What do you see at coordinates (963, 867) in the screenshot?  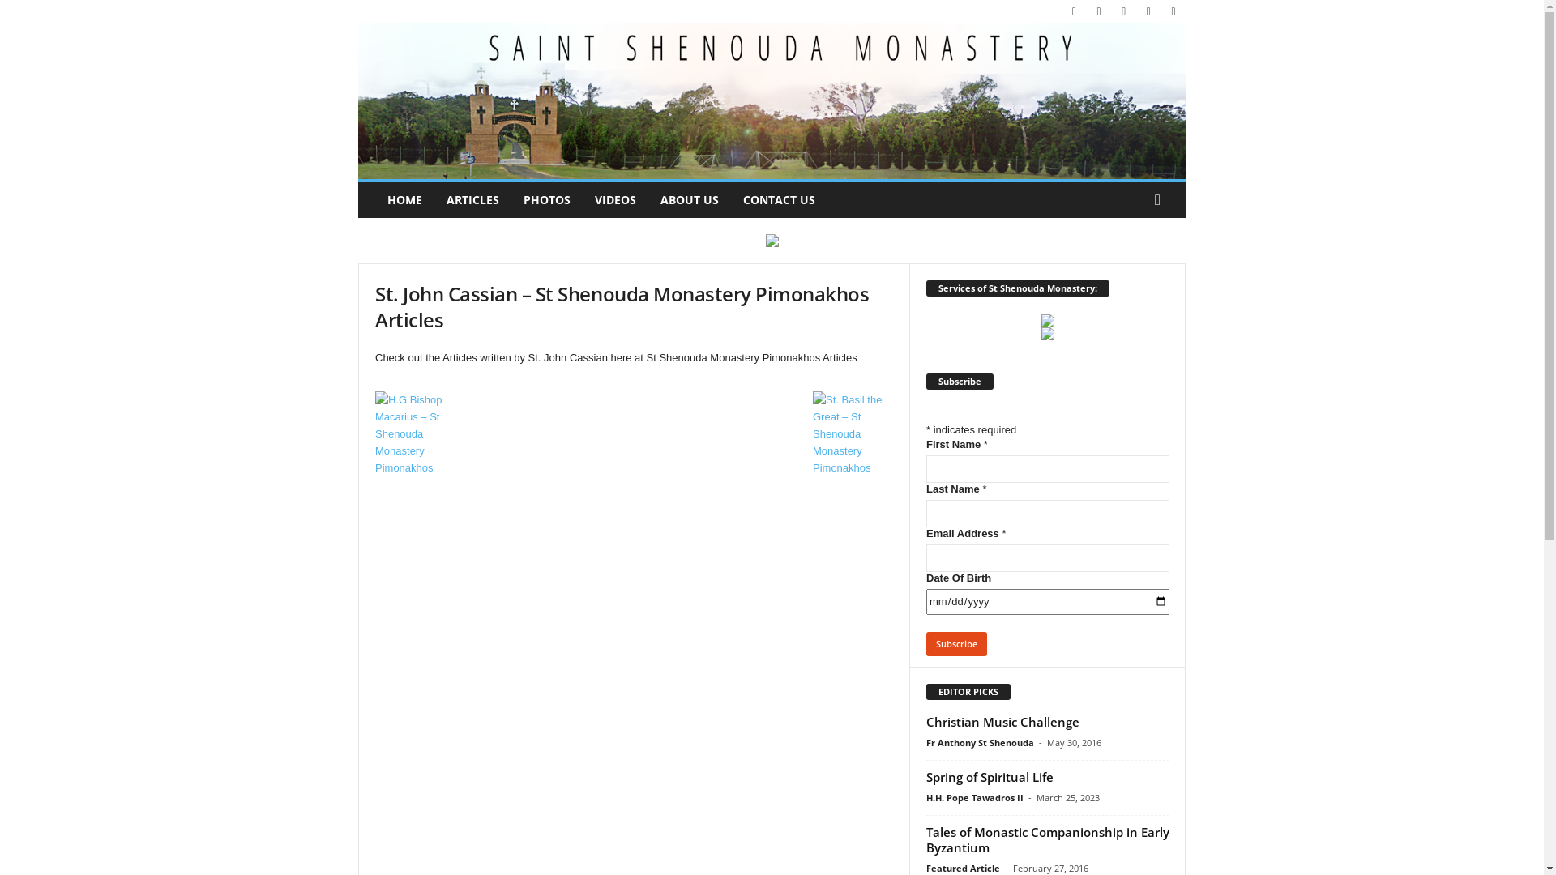 I see `'Featured Article'` at bounding box center [963, 867].